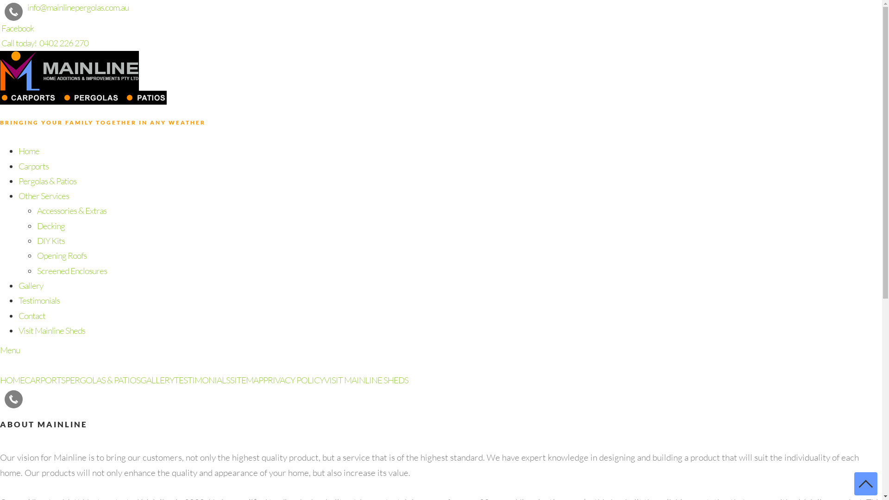  What do you see at coordinates (293, 380) in the screenshot?
I see `'PRIVACY POLICY'` at bounding box center [293, 380].